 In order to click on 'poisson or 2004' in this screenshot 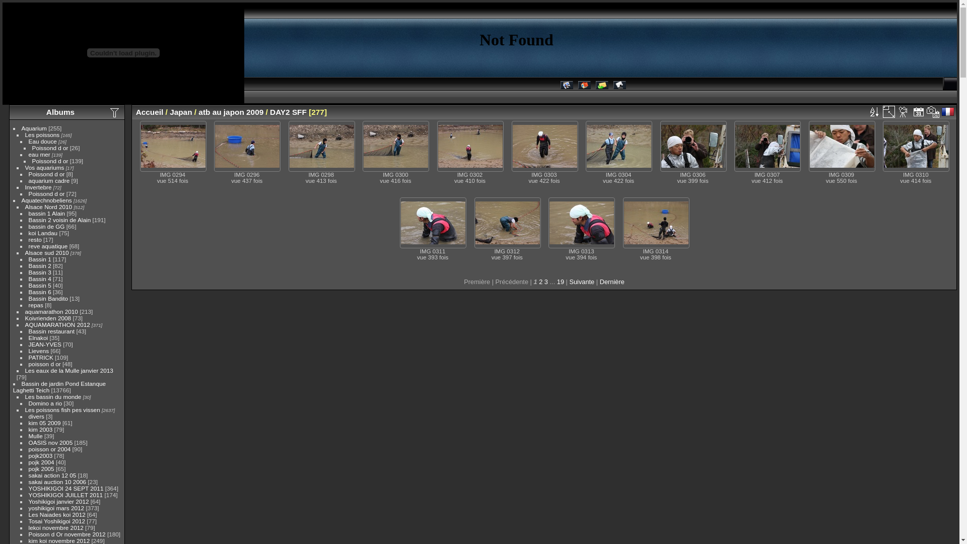, I will do `click(49, 448)`.